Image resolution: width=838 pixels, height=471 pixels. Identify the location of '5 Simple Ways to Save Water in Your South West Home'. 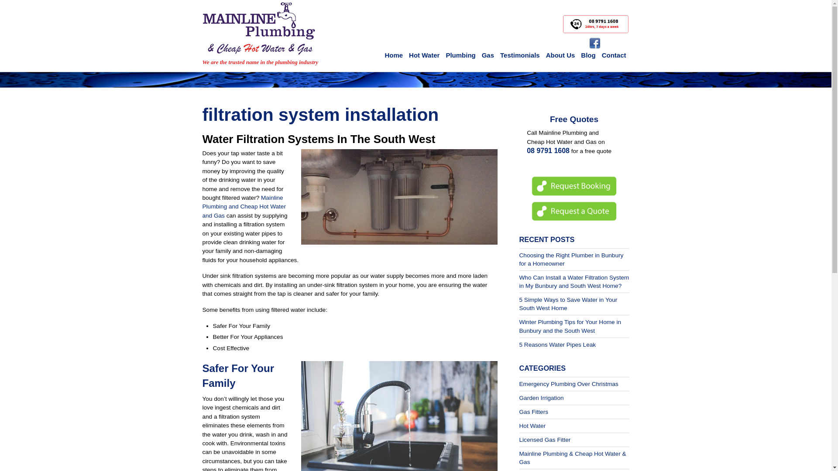
(568, 304).